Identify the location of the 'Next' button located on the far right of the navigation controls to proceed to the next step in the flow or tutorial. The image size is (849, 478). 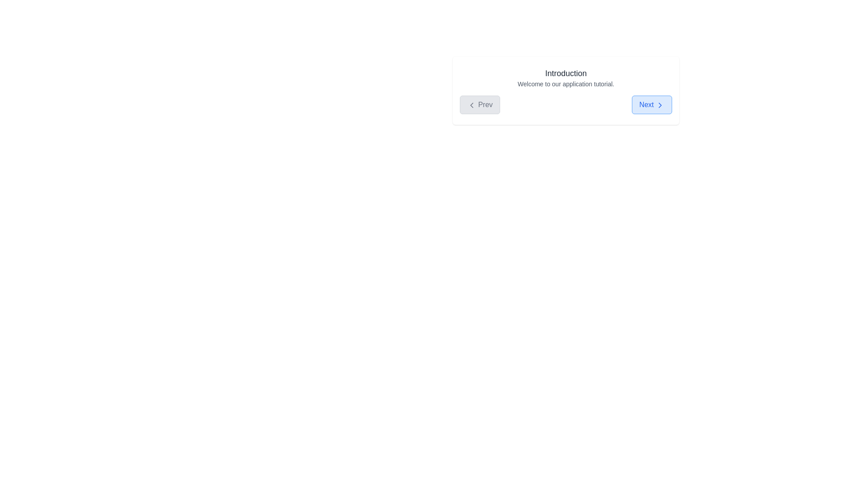
(652, 104).